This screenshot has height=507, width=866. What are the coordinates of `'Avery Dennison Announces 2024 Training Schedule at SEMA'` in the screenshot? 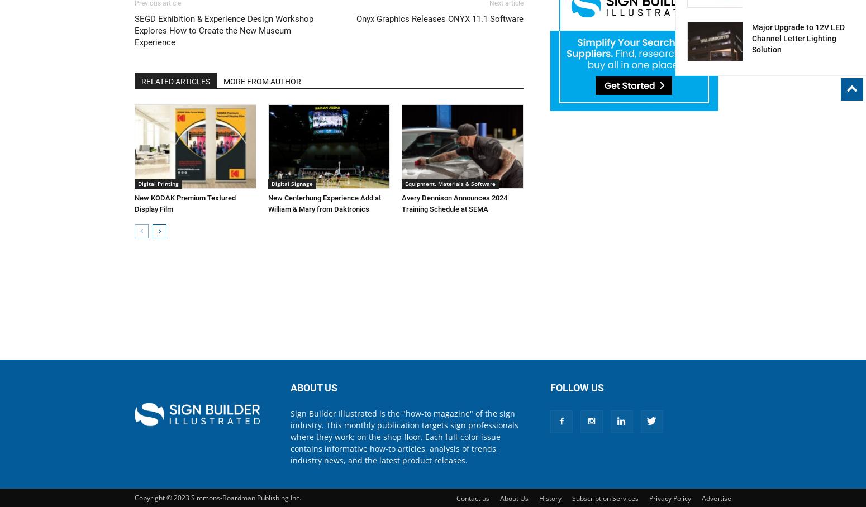 It's located at (454, 203).